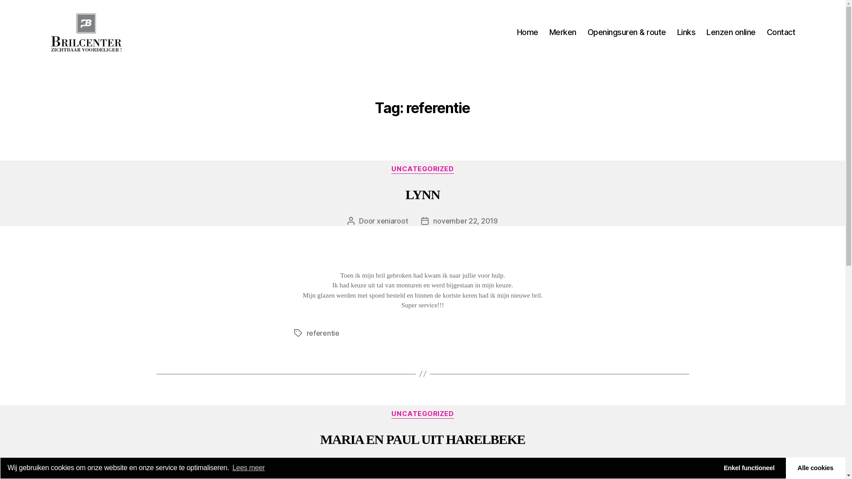  What do you see at coordinates (422, 194) in the screenshot?
I see `'LYNN'` at bounding box center [422, 194].